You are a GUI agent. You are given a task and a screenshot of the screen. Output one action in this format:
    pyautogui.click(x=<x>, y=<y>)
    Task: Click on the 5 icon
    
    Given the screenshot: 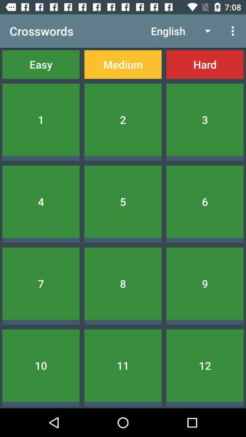 What is the action you would take?
    pyautogui.click(x=123, y=202)
    